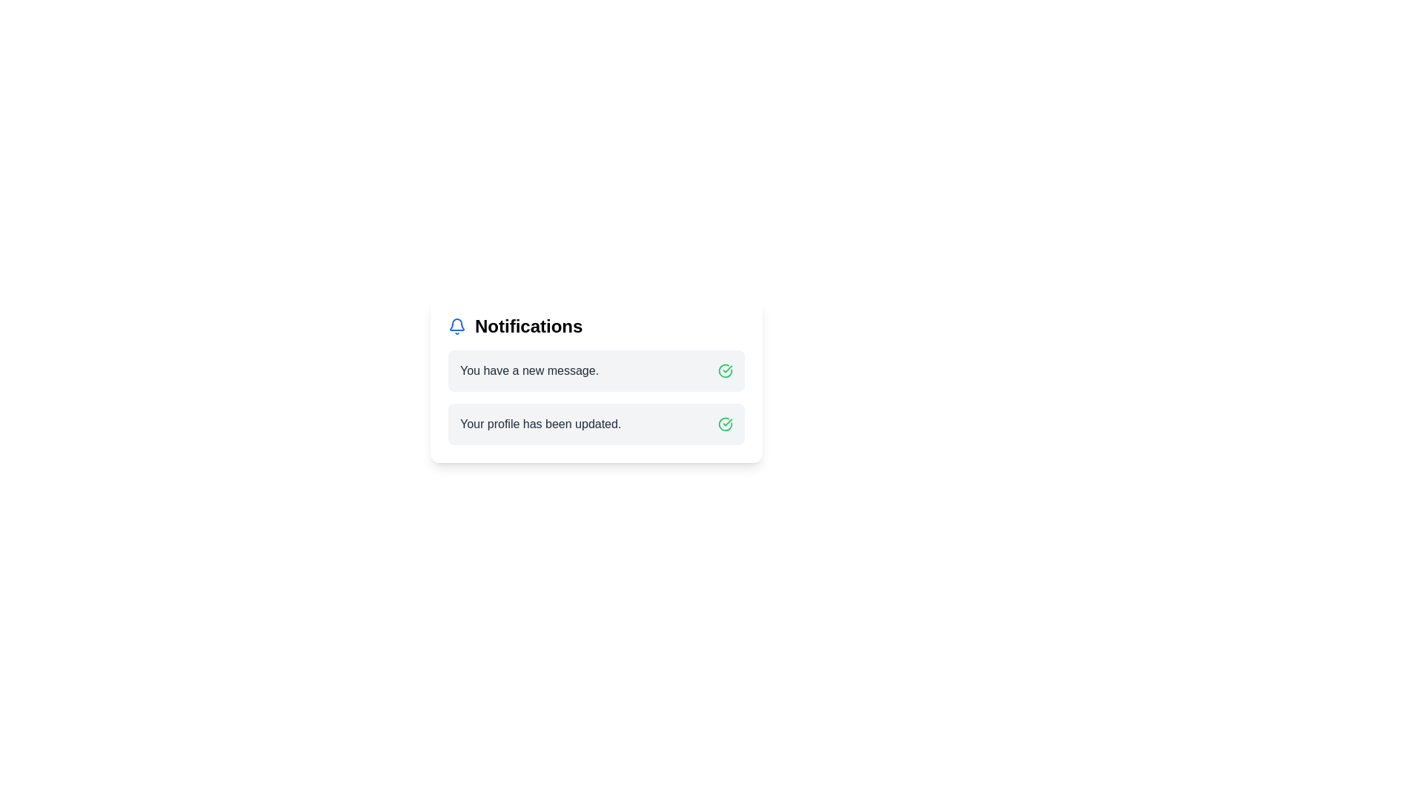 This screenshot has width=1423, height=800. What do you see at coordinates (457, 325) in the screenshot?
I see `the bell icon which serves as a visual indicator for notifications, located to the left of the 'Notifications' text` at bounding box center [457, 325].